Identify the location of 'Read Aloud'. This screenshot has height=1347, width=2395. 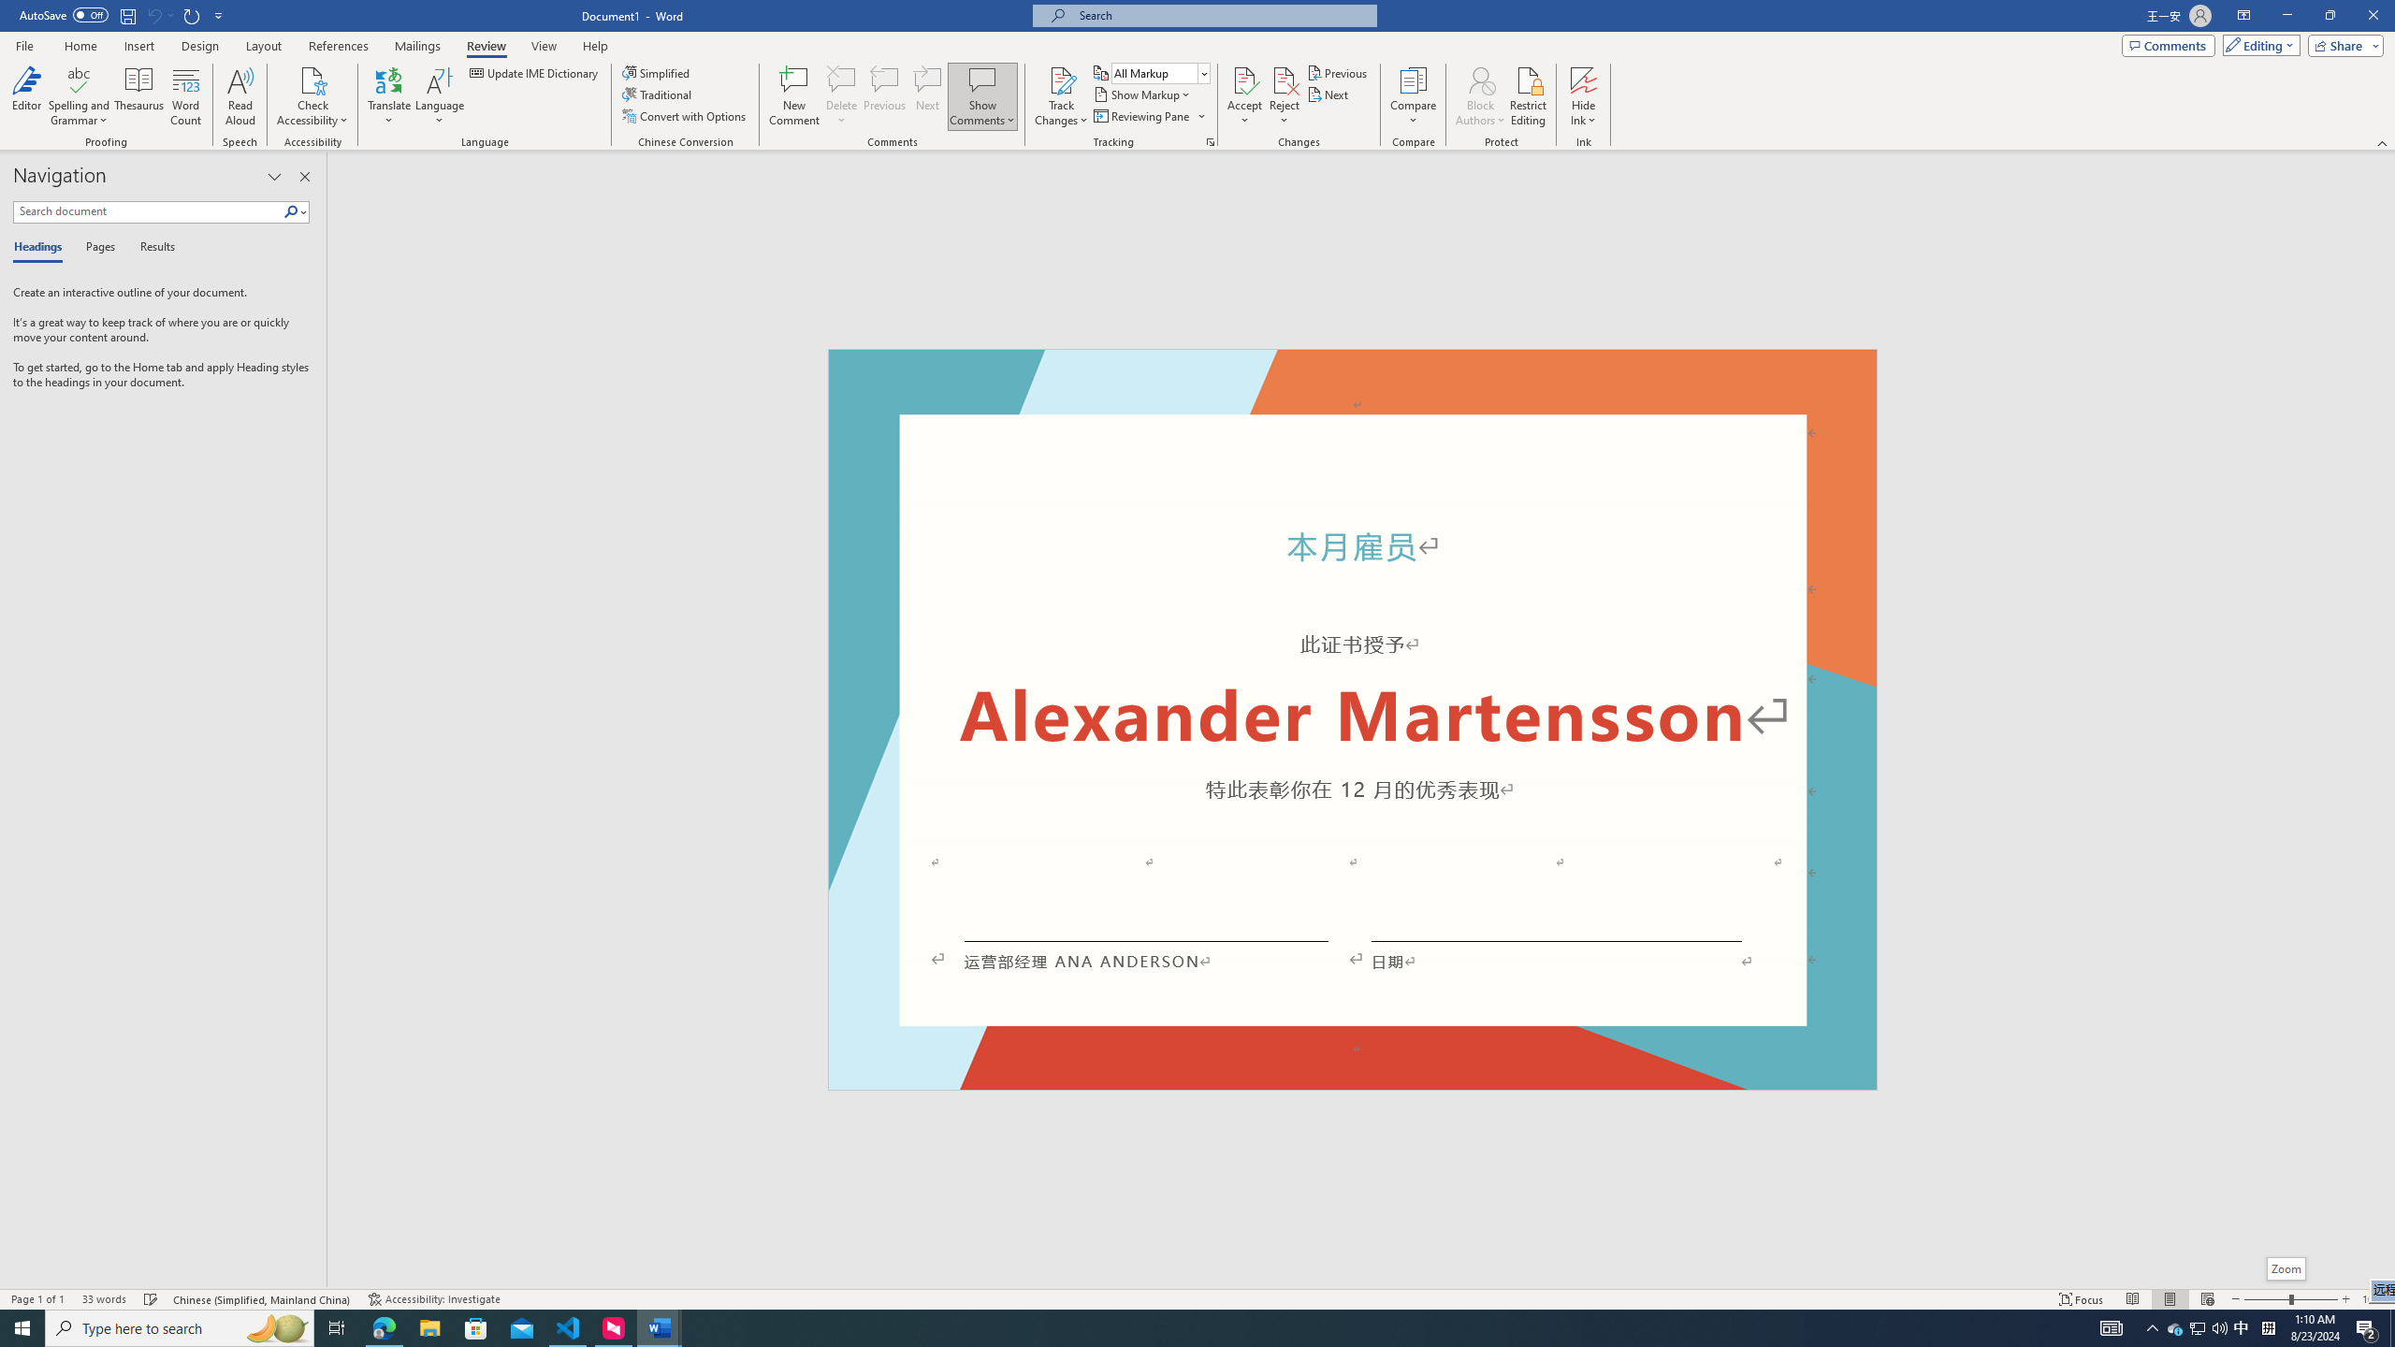
(239, 96).